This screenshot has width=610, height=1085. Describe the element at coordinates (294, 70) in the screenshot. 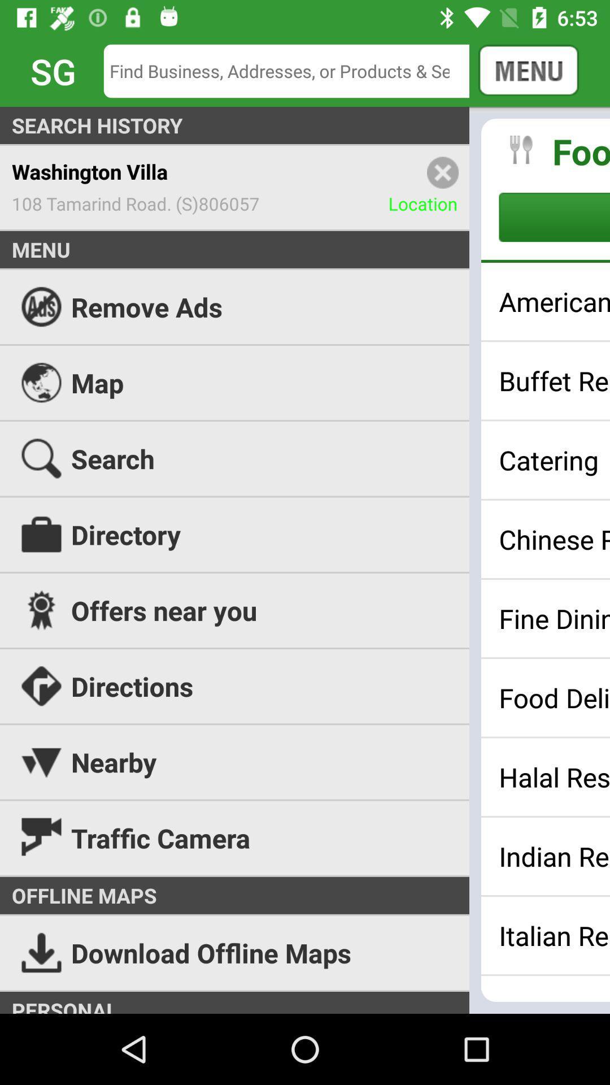

I see `search` at that location.